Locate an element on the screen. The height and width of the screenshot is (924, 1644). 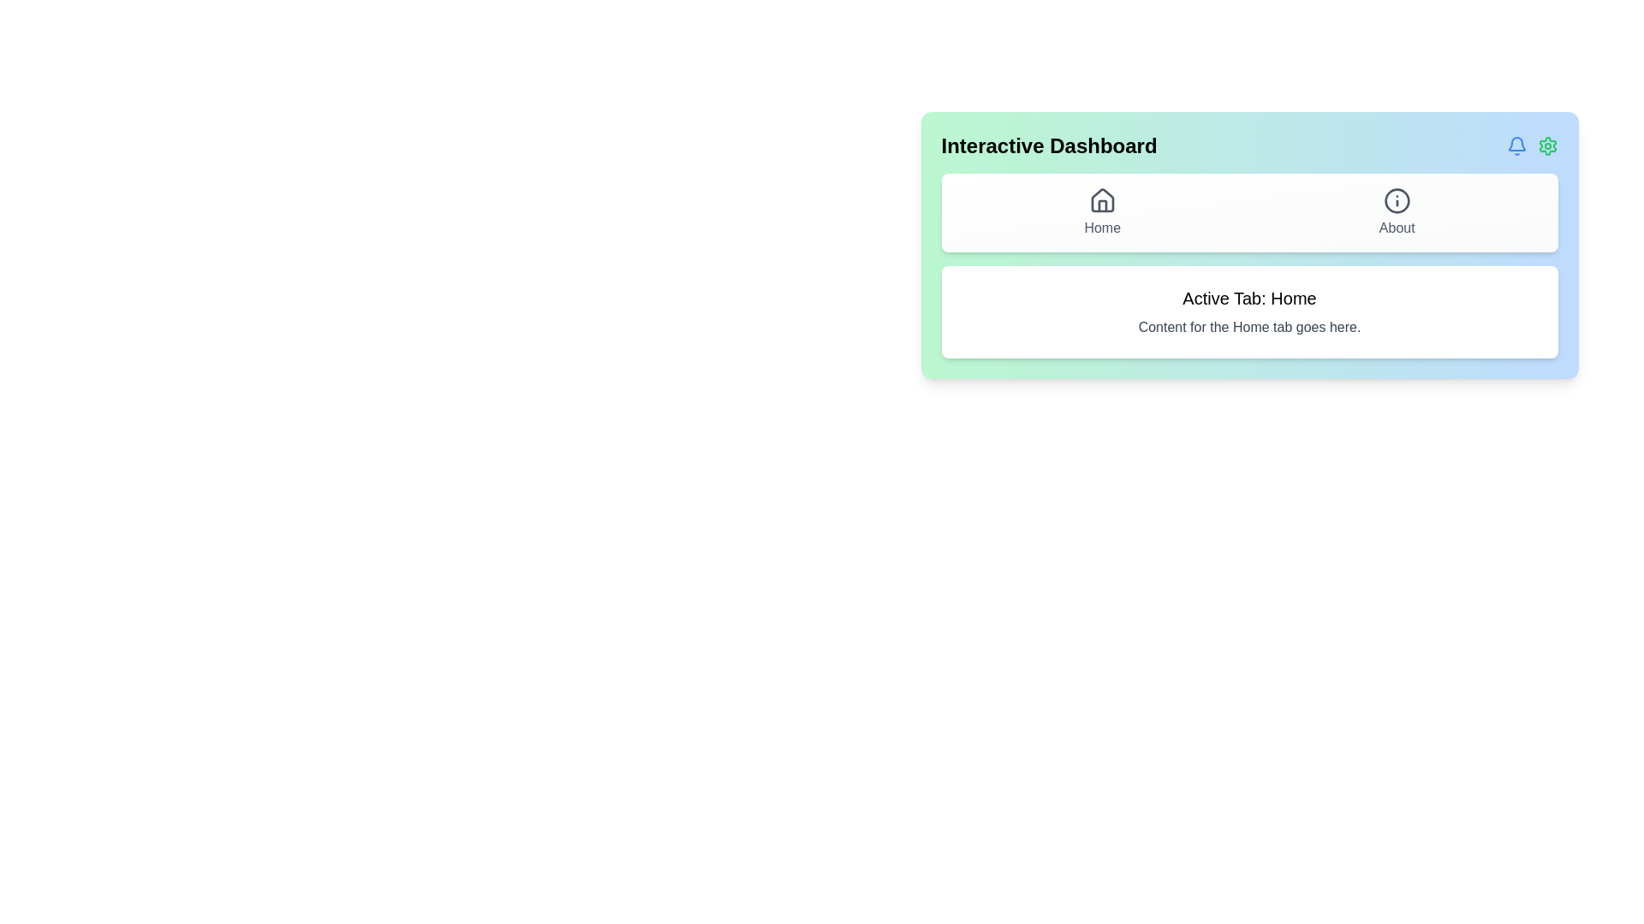
the green gear-shaped icon at the top right corner of the interface is located at coordinates (1547, 145).